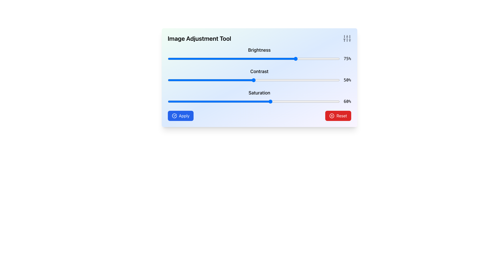  I want to click on the slider value, so click(173, 101).